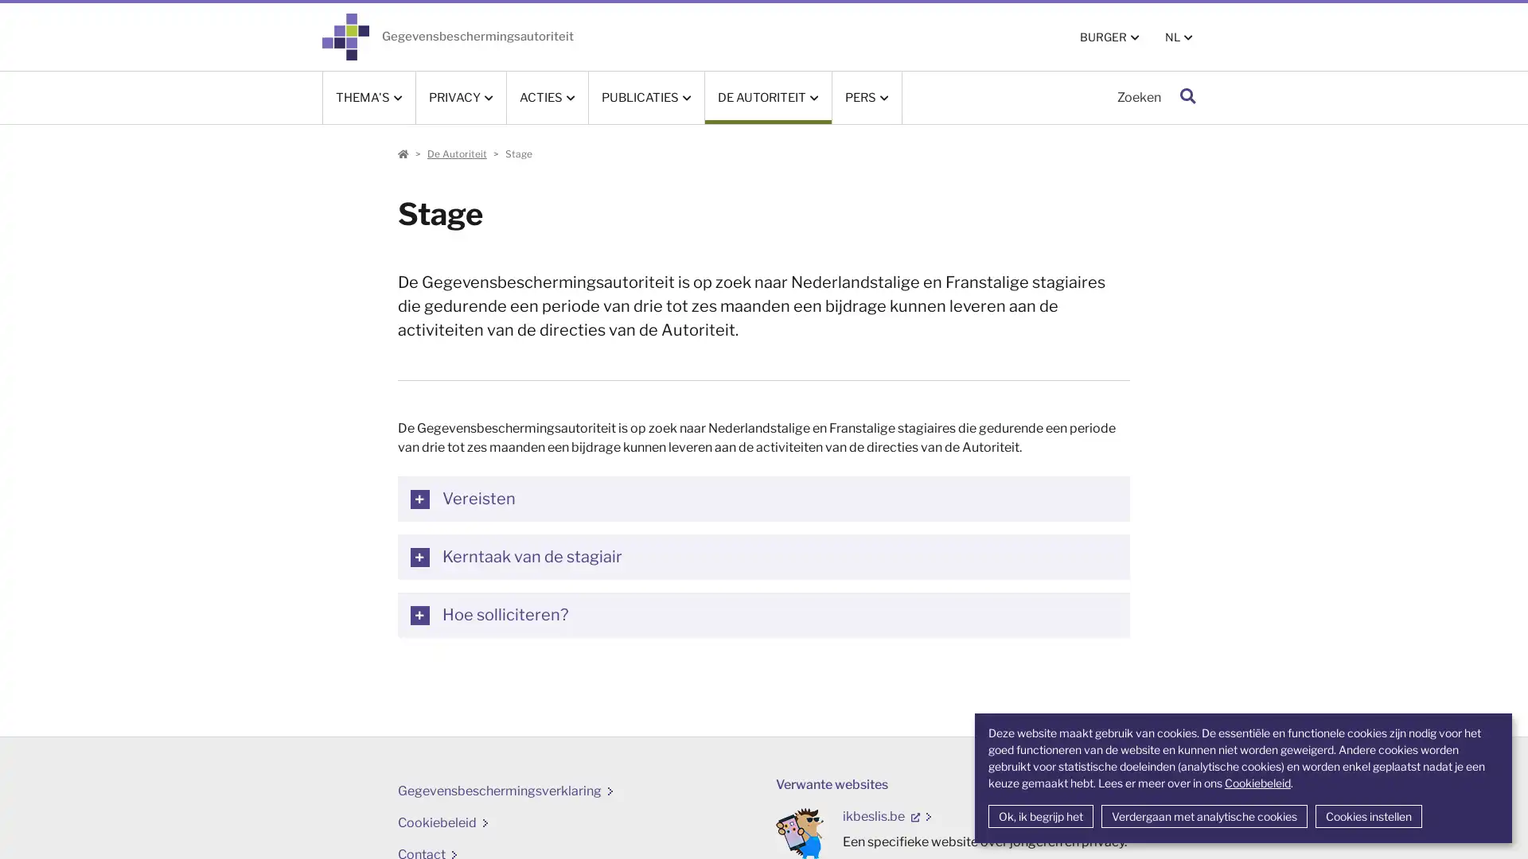 Image resolution: width=1528 pixels, height=859 pixels. I want to click on Zoeken, so click(1187, 97).